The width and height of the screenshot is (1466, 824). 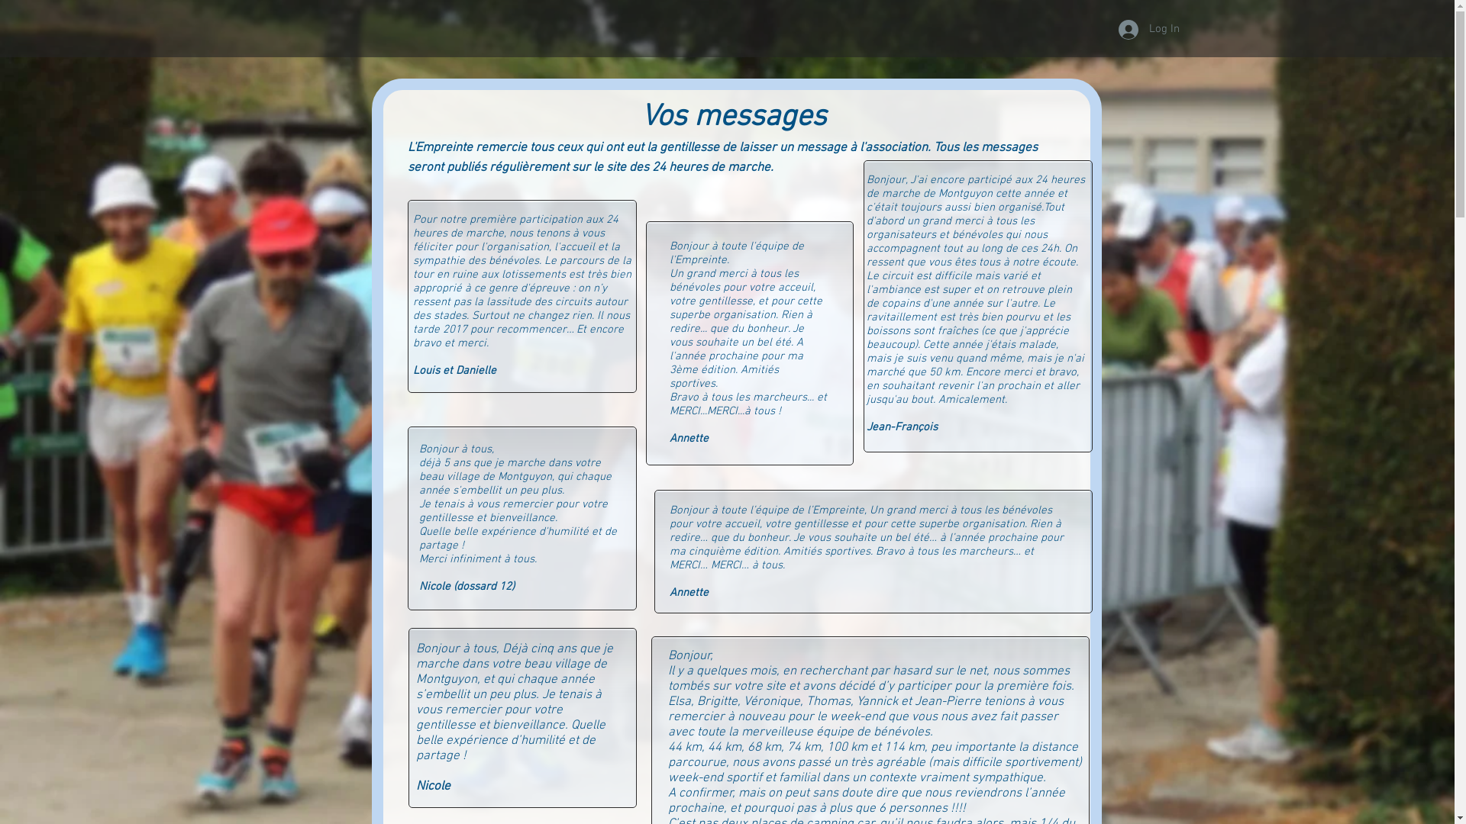 I want to click on 'Log In', so click(x=1138, y=29).